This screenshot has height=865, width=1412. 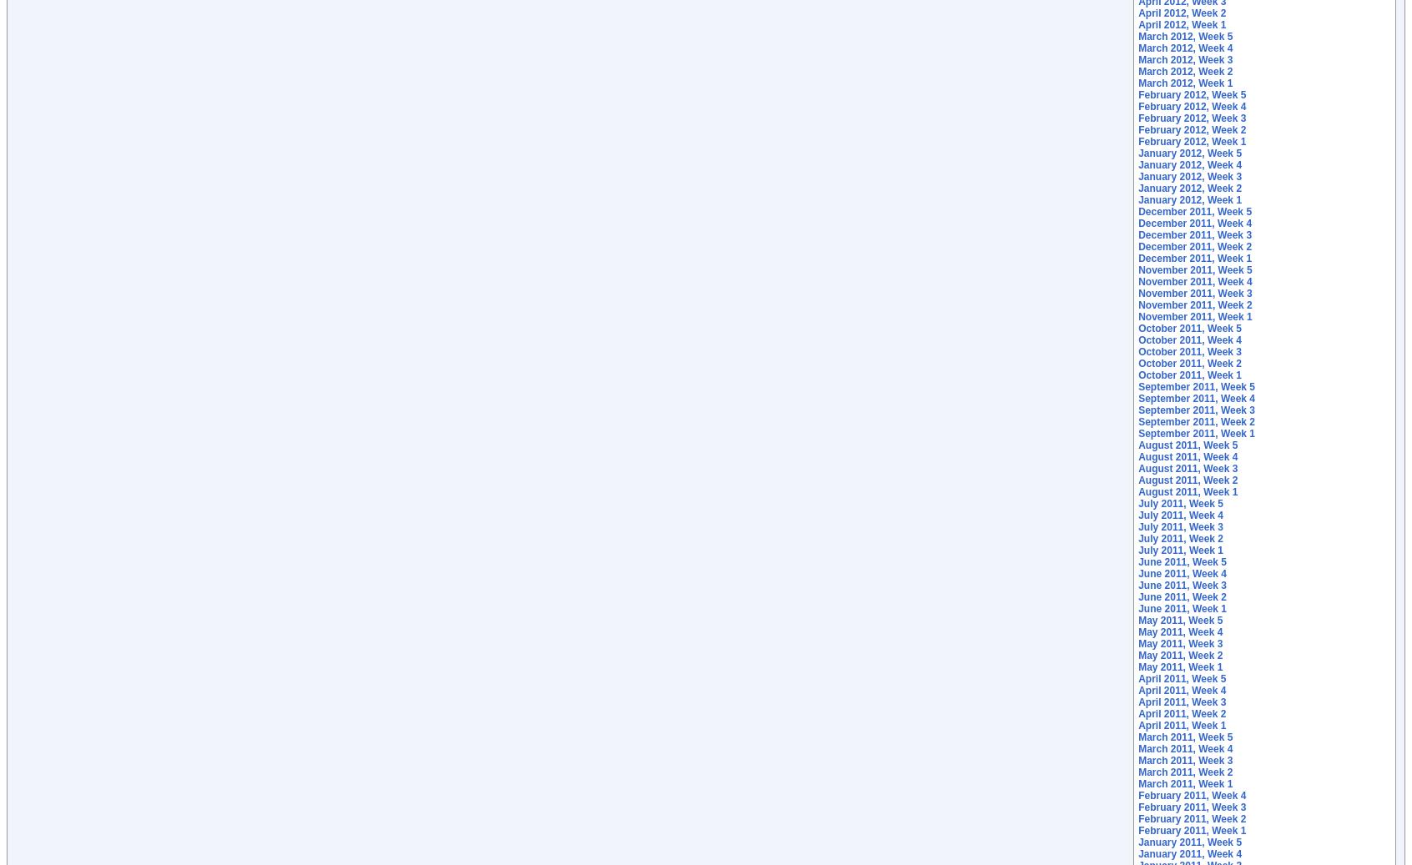 What do you see at coordinates (1189, 362) in the screenshot?
I see `'October 2011, Week 2'` at bounding box center [1189, 362].